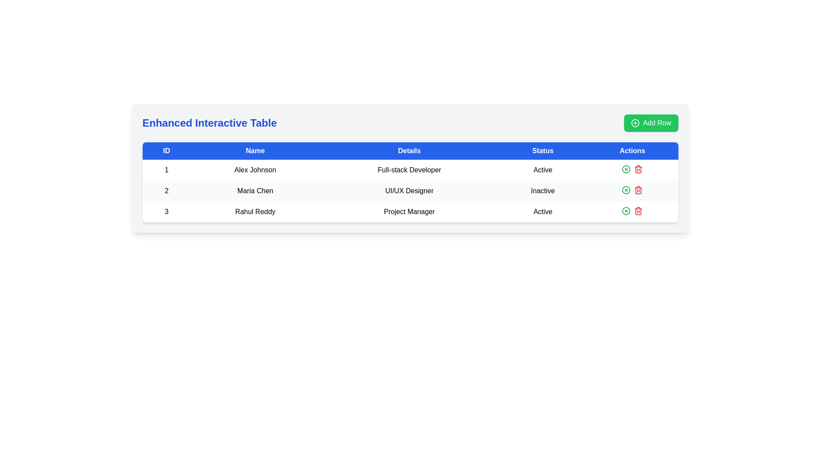 This screenshot has height=470, width=835. I want to click on details of the user represented in the second row of the interactive table, located between 'Alex Johnson' and 'Rahul Reddy', so click(410, 191).